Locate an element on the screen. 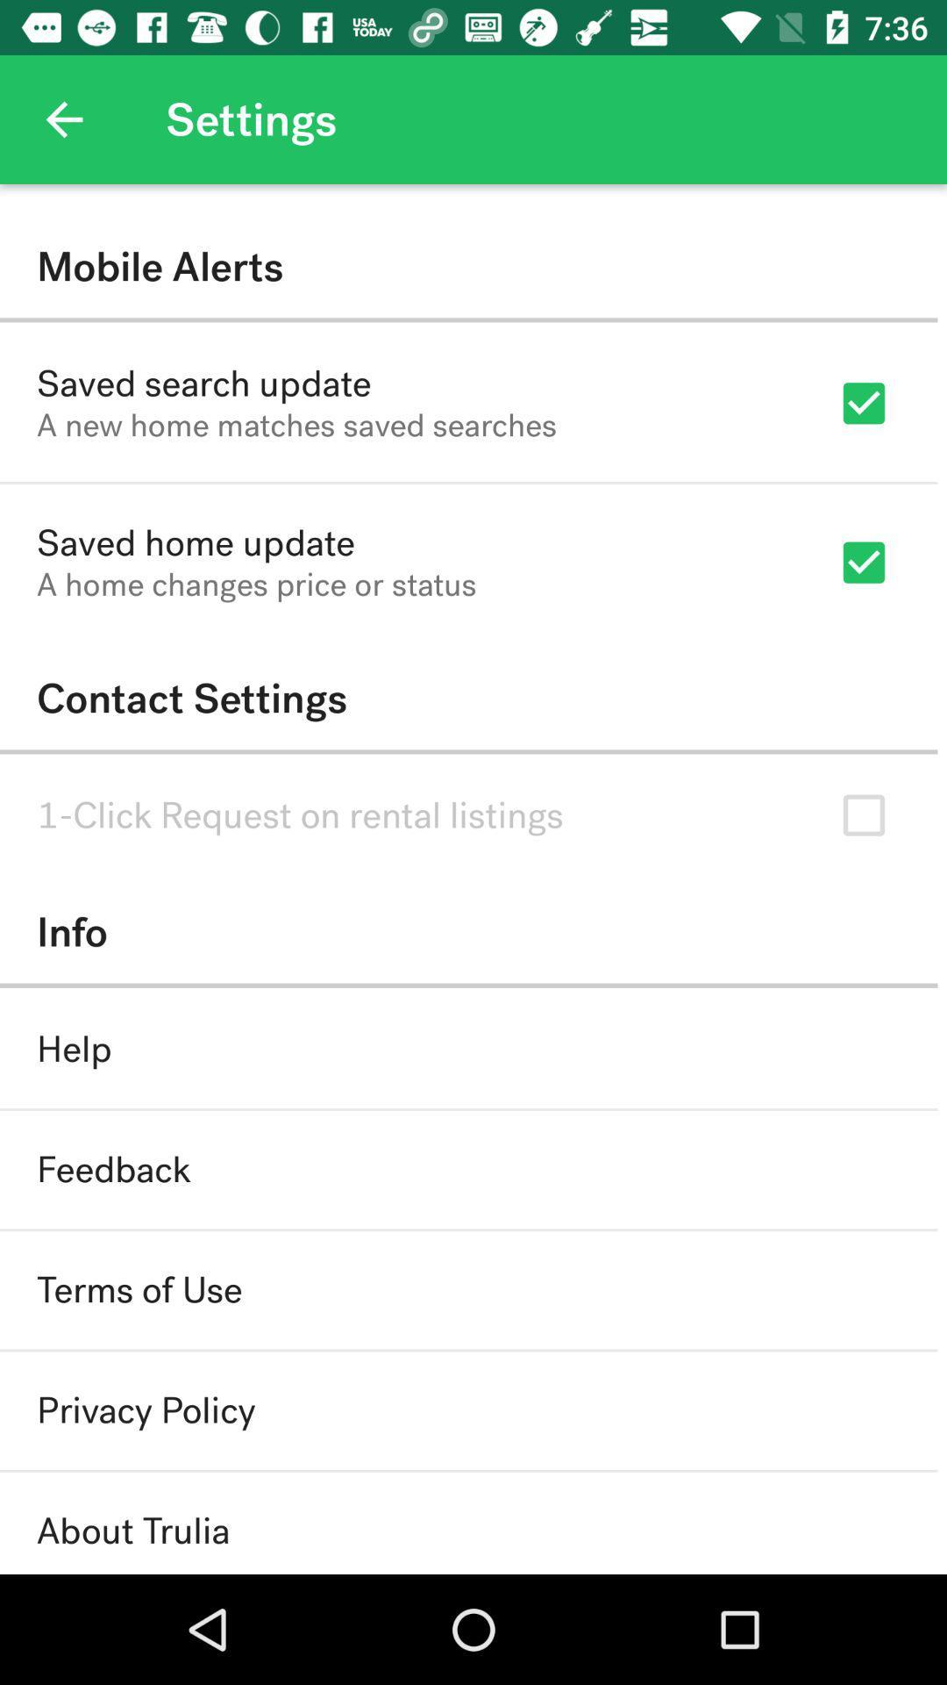  the icon above help is located at coordinates (467, 931).